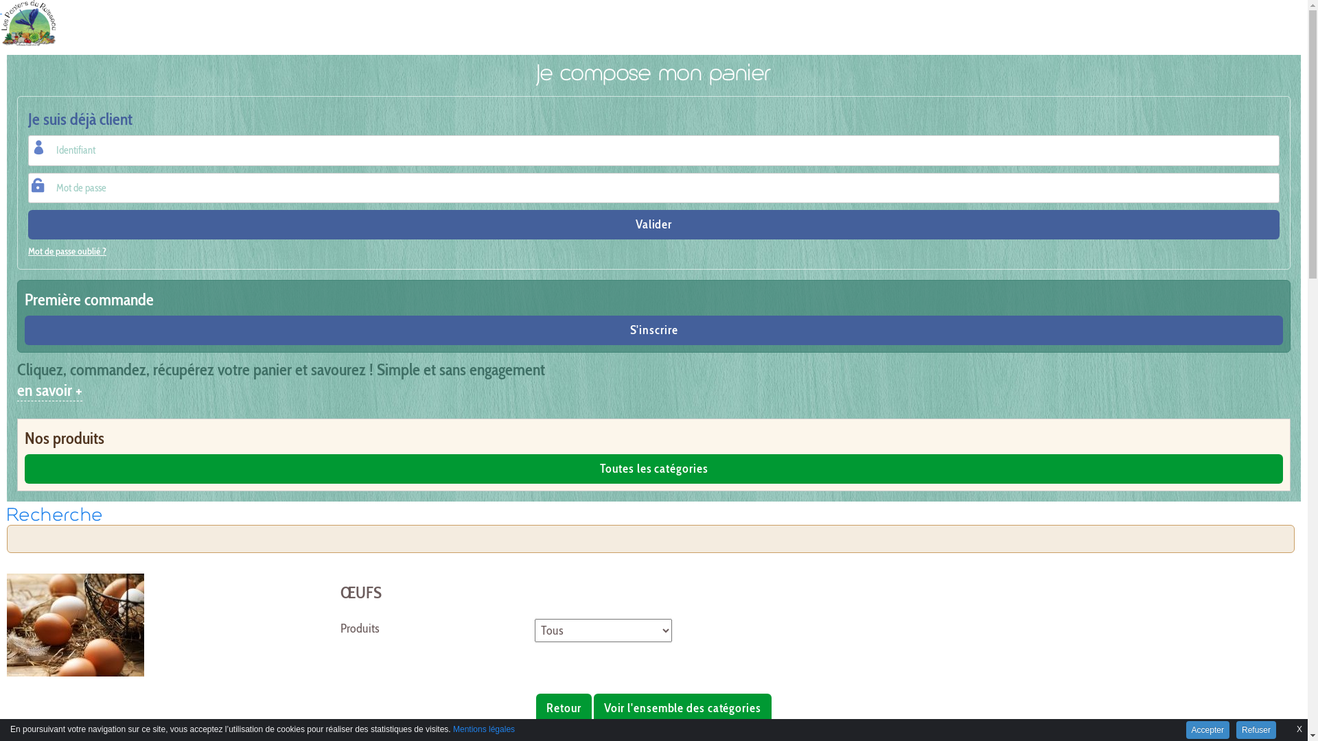 The image size is (1318, 741). What do you see at coordinates (49, 390) in the screenshot?
I see `'en savoir +'` at bounding box center [49, 390].